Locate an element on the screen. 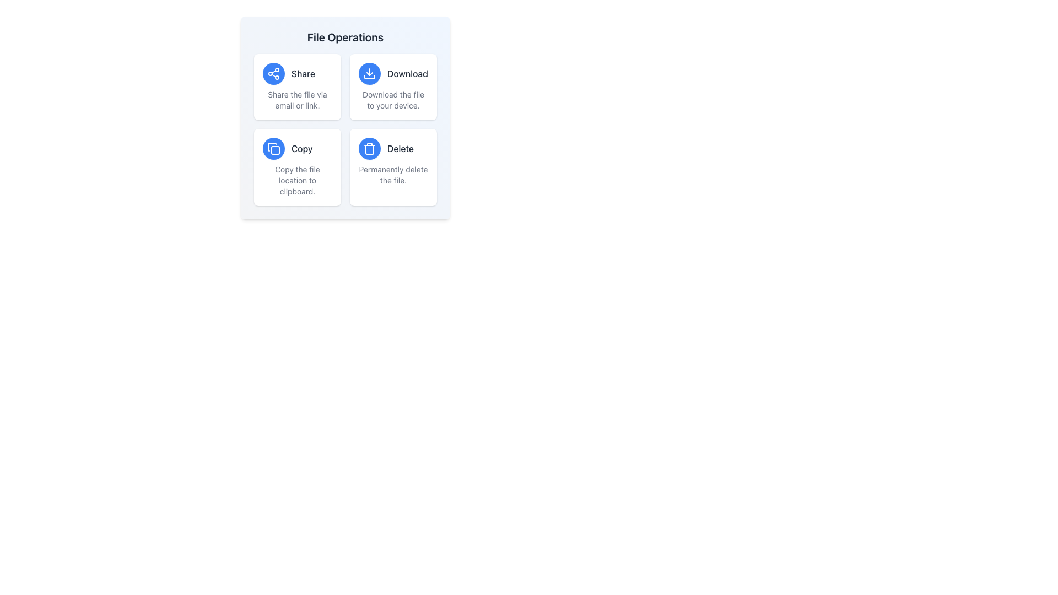 This screenshot has height=595, width=1058. the 'Copy' button-like card, which features an icon of two overlapping documents and the text 'Copy' in bold dark gray, to copy the file location to the clipboard is located at coordinates (297, 167).